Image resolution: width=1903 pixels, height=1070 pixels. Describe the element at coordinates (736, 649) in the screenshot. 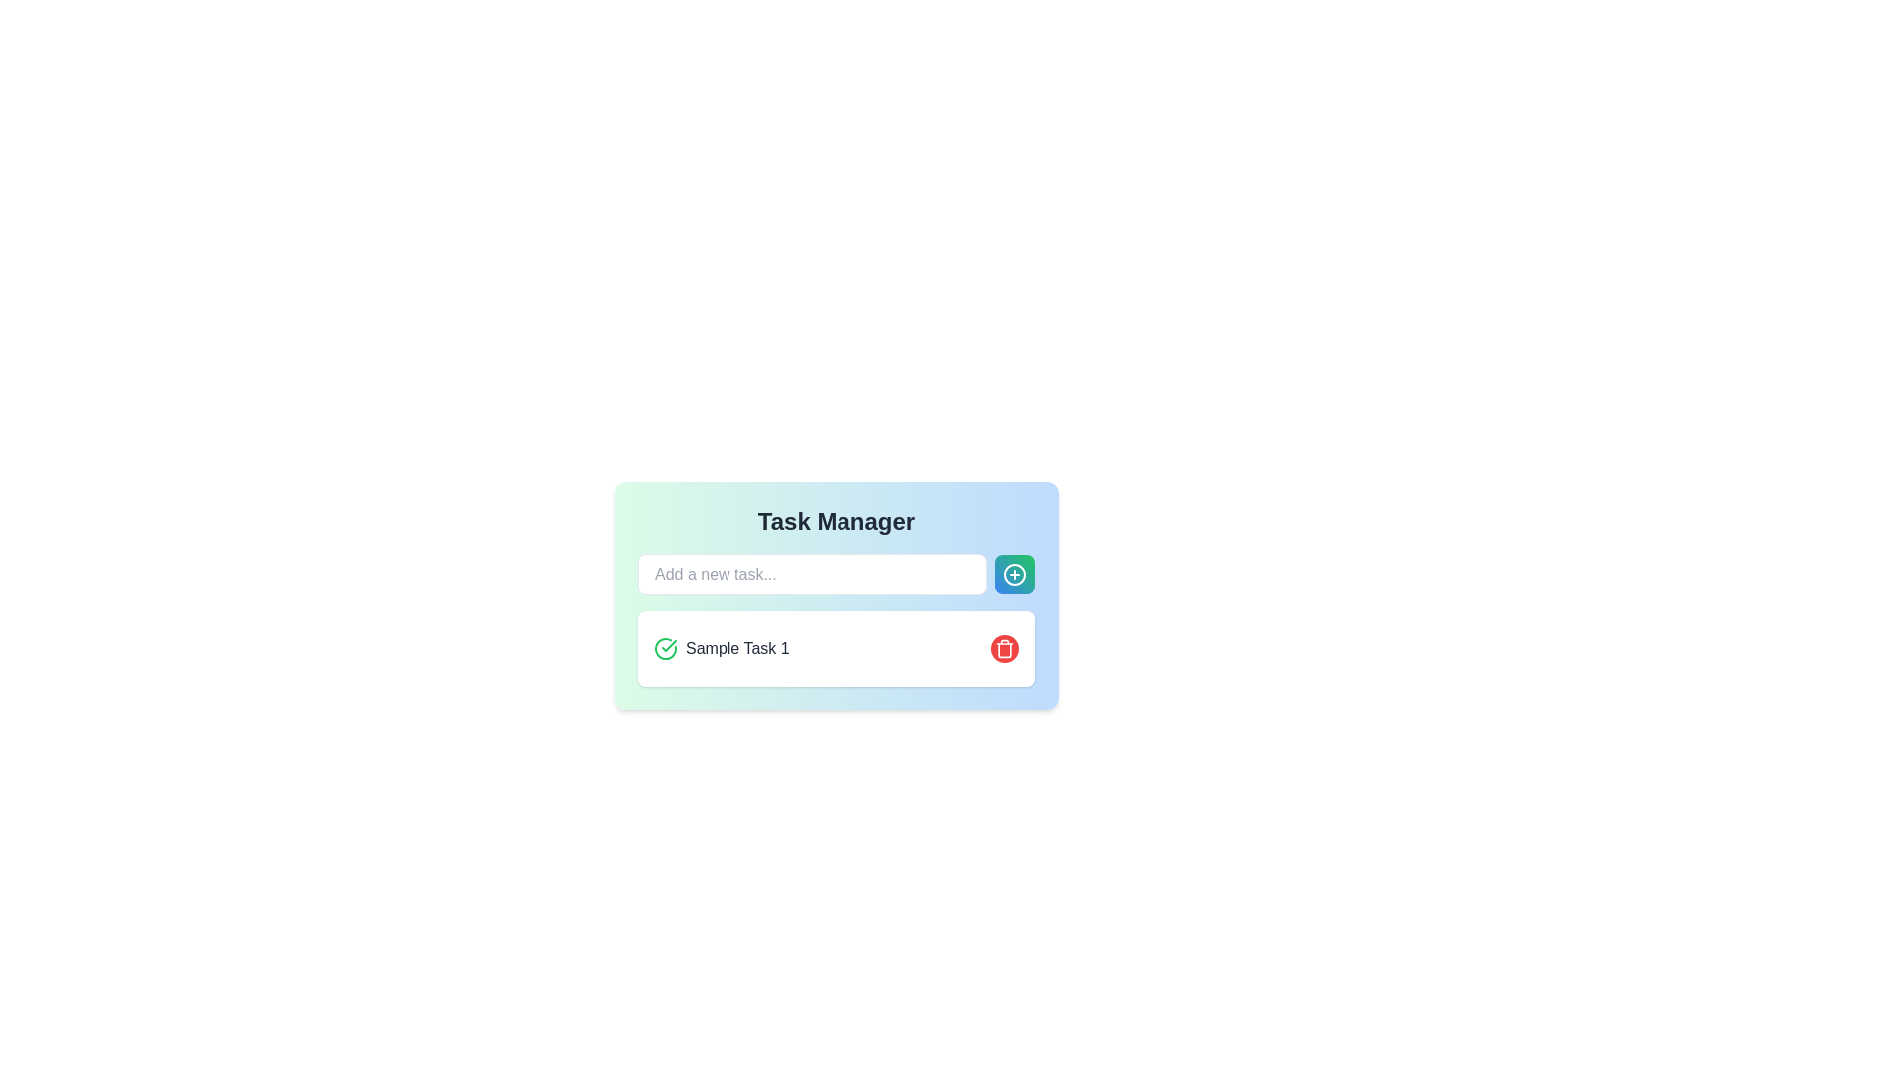

I see `the 'Sample Task 1' text label, which is styled with a gray font and bold appearance, located` at that location.